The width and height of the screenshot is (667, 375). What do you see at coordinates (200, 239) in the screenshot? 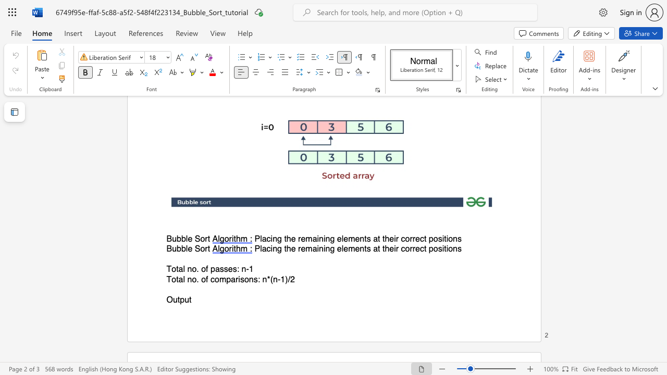
I see `the subset text "ort" within the text "Bubble Sort"` at bounding box center [200, 239].